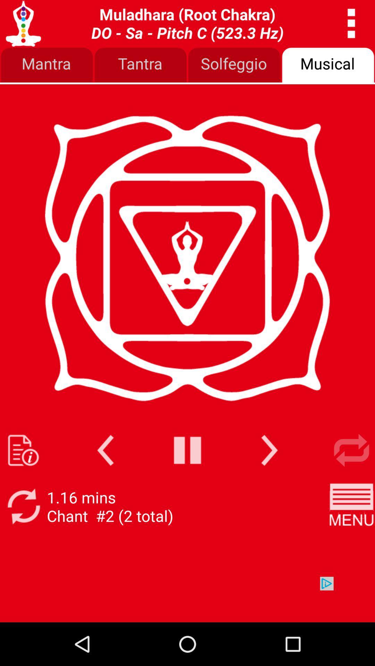 The width and height of the screenshot is (375, 666). What do you see at coordinates (351, 450) in the screenshot?
I see `repeat playlist` at bounding box center [351, 450].